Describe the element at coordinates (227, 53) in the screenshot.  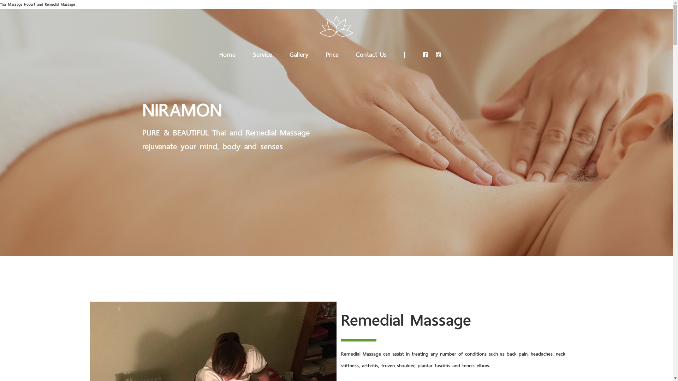
I see `'Home'` at that location.